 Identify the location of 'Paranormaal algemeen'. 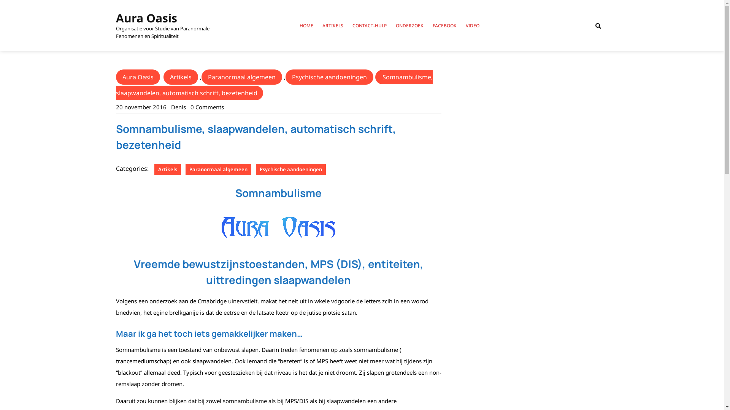
(201, 77).